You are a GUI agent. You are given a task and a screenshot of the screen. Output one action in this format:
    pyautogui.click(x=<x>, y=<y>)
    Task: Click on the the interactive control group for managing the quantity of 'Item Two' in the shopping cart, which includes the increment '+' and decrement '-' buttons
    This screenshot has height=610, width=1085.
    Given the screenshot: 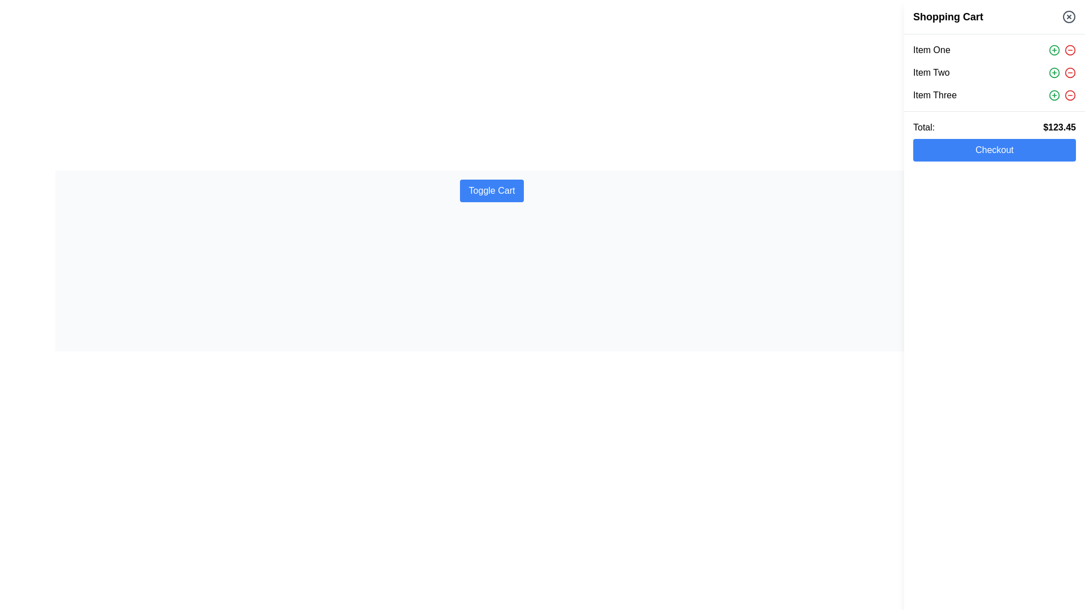 What is the action you would take?
    pyautogui.click(x=1062, y=72)
    